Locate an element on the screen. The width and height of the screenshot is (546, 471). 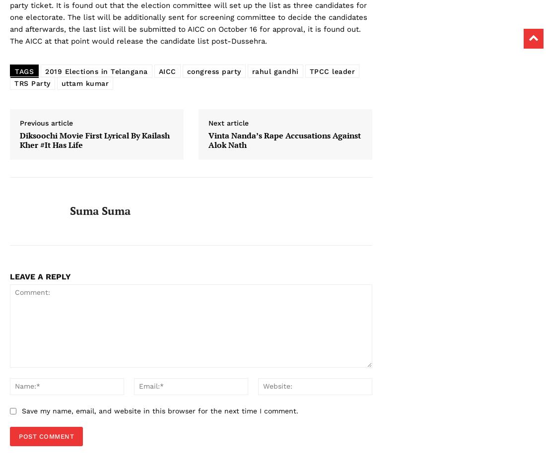
'TRS Party' is located at coordinates (32, 82).